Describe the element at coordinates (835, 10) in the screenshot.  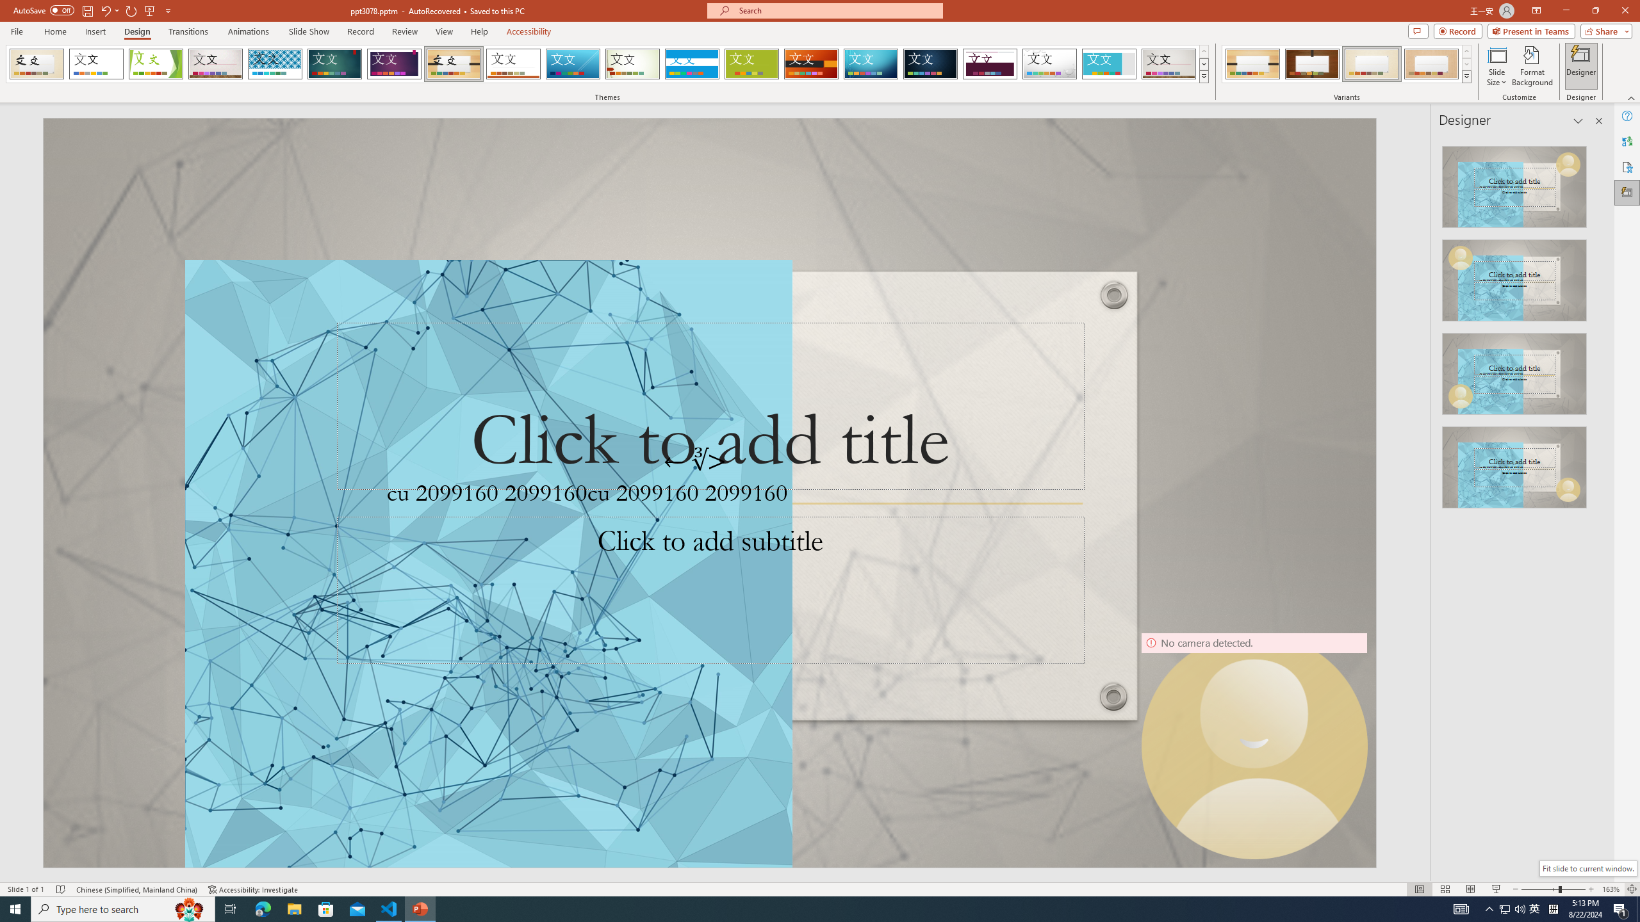
I see `'Microsoft search'` at that location.